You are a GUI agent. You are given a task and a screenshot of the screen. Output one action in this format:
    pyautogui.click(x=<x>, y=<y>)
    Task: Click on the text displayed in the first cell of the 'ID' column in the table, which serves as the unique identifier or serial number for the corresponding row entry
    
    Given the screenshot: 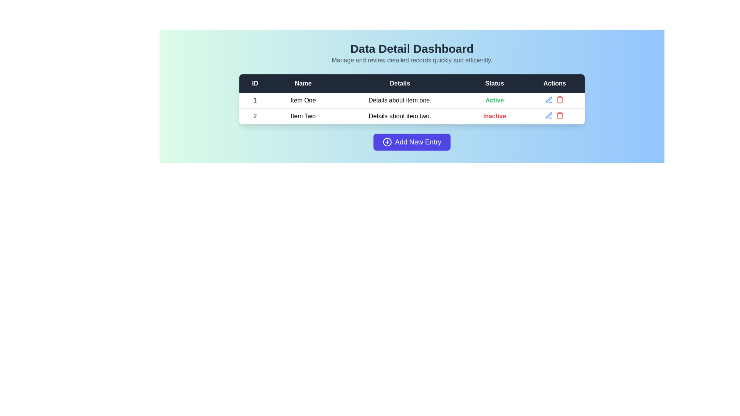 What is the action you would take?
    pyautogui.click(x=255, y=100)
    